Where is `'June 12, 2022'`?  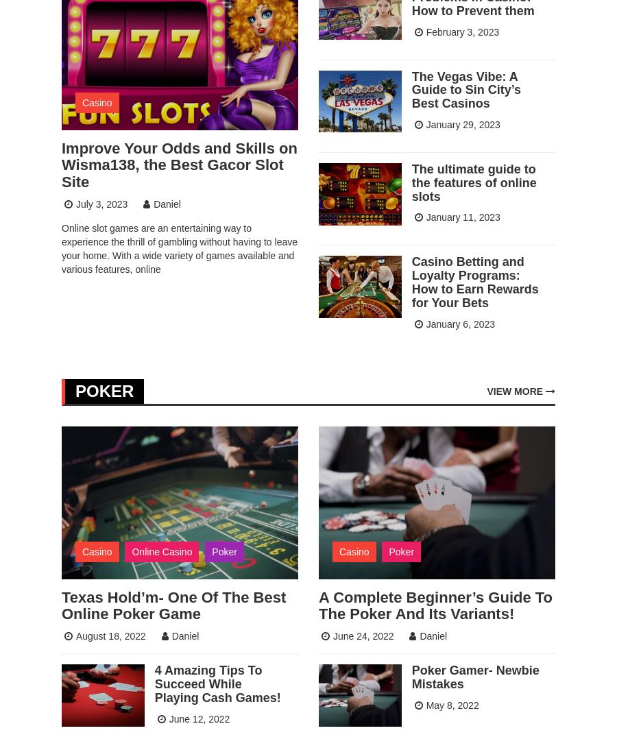 'June 12, 2022' is located at coordinates (198, 718).